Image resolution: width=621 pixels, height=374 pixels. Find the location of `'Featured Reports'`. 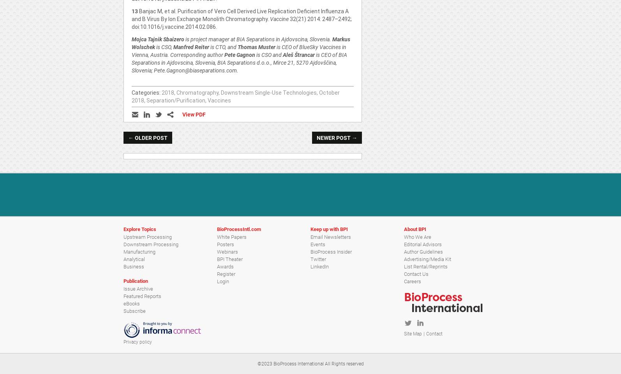

'Featured Reports' is located at coordinates (142, 295).